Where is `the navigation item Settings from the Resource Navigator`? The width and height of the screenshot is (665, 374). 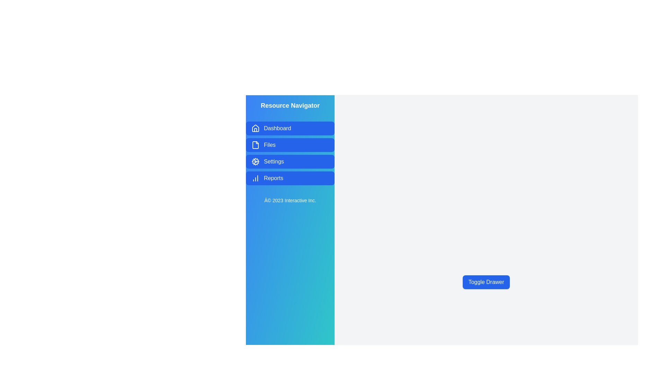
the navigation item Settings from the Resource Navigator is located at coordinates (290, 161).